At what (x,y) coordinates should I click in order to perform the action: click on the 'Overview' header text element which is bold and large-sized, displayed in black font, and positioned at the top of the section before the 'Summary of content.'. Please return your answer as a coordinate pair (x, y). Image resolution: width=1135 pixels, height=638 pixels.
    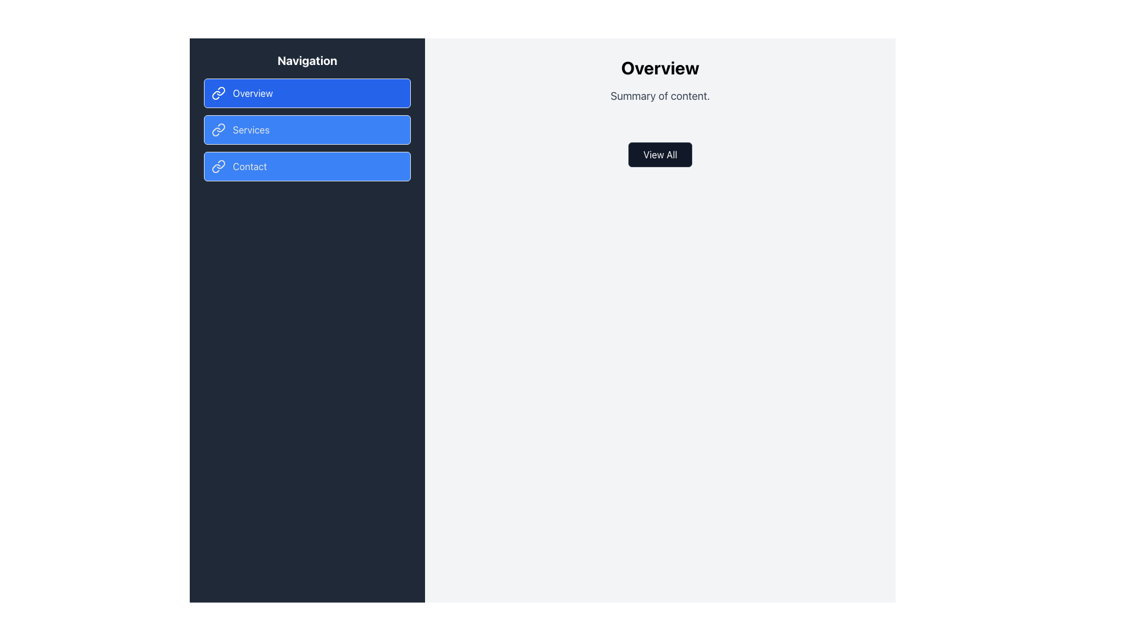
    Looking at the image, I should click on (660, 68).